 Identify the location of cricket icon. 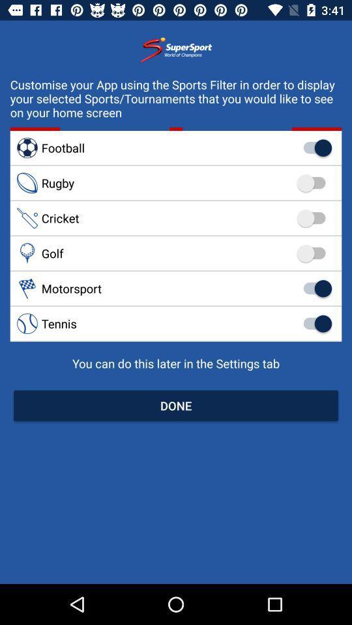
(176, 218).